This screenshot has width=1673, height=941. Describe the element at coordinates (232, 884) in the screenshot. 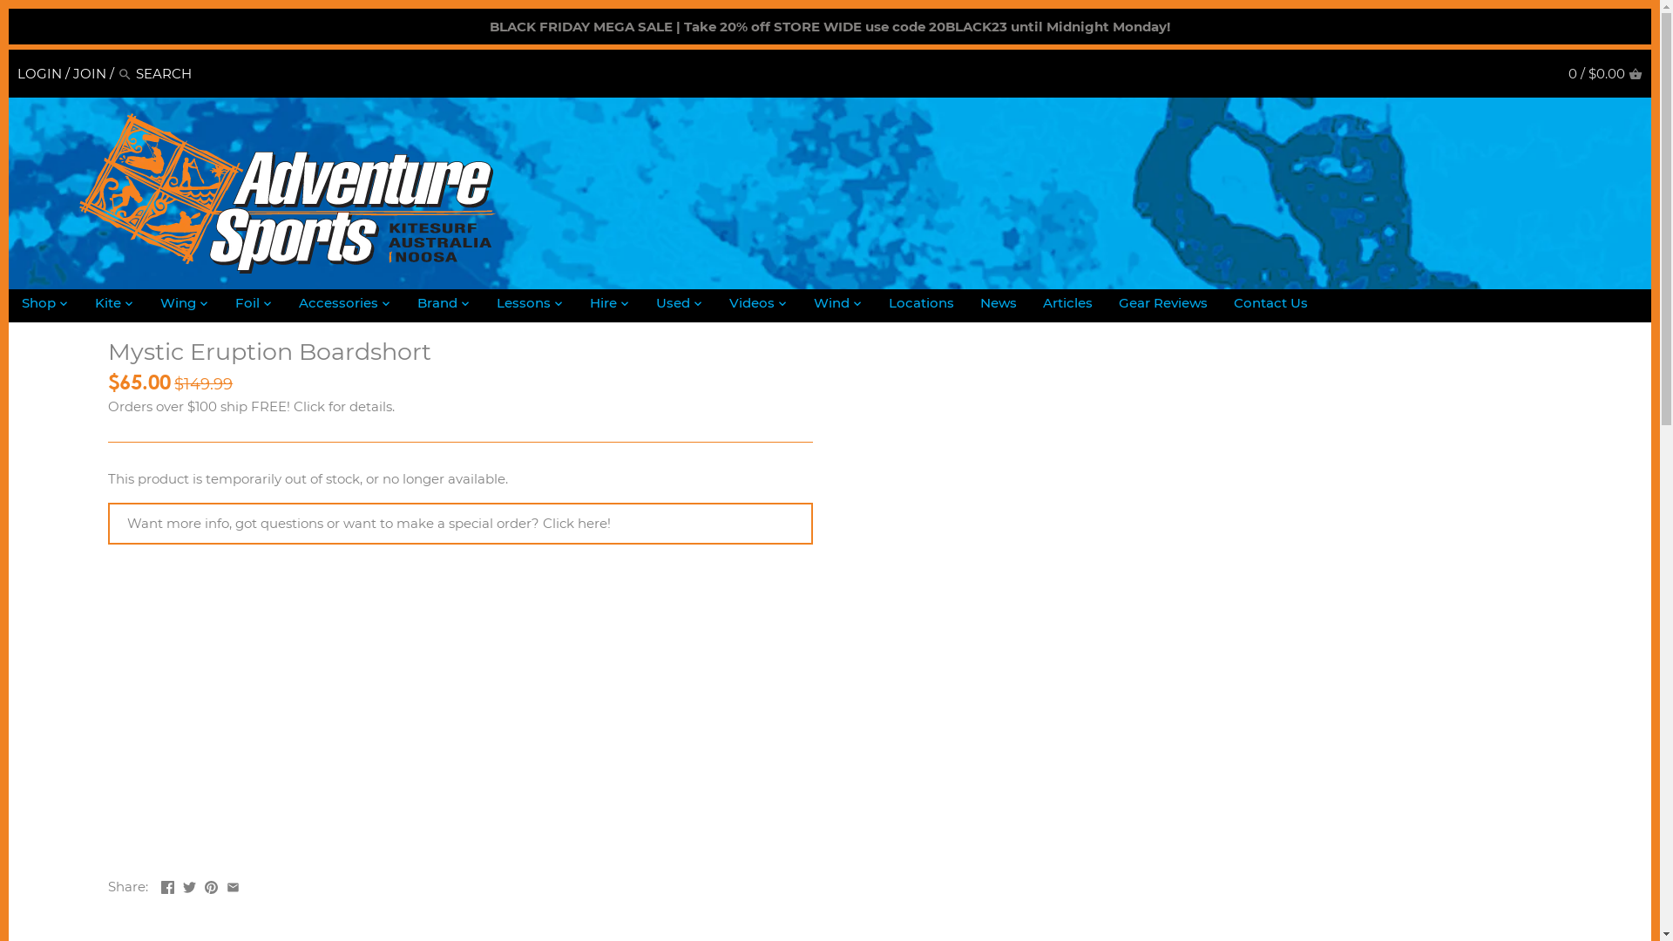

I see `'Email'` at that location.